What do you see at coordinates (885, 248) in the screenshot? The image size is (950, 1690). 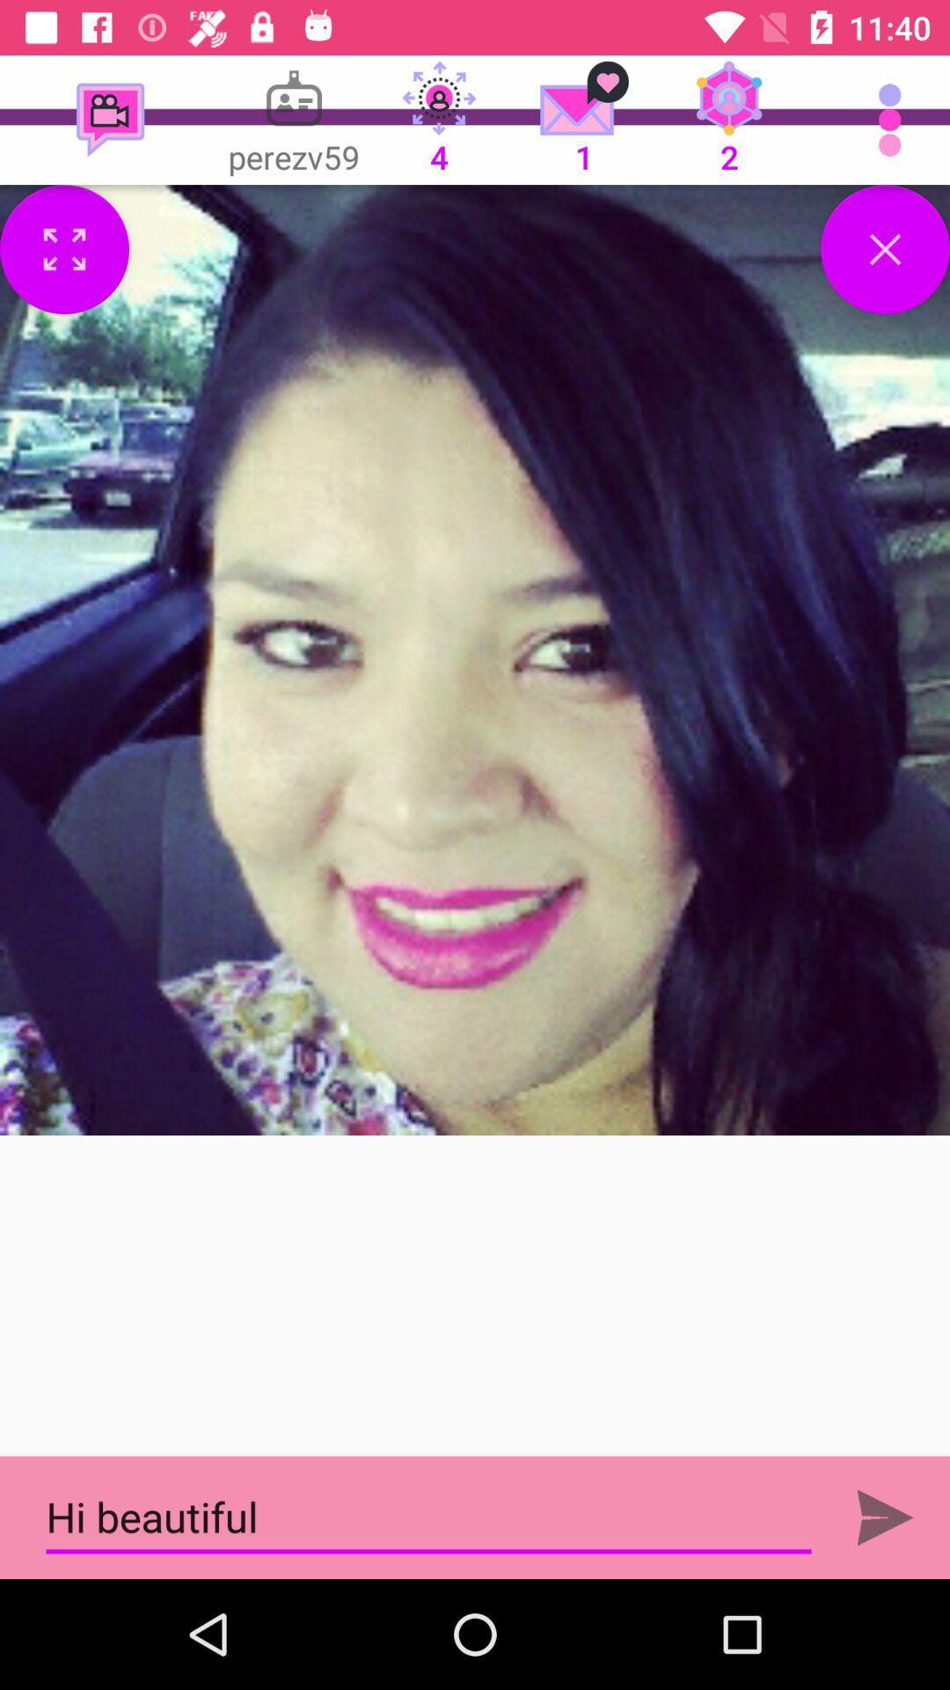 I see `close` at bounding box center [885, 248].